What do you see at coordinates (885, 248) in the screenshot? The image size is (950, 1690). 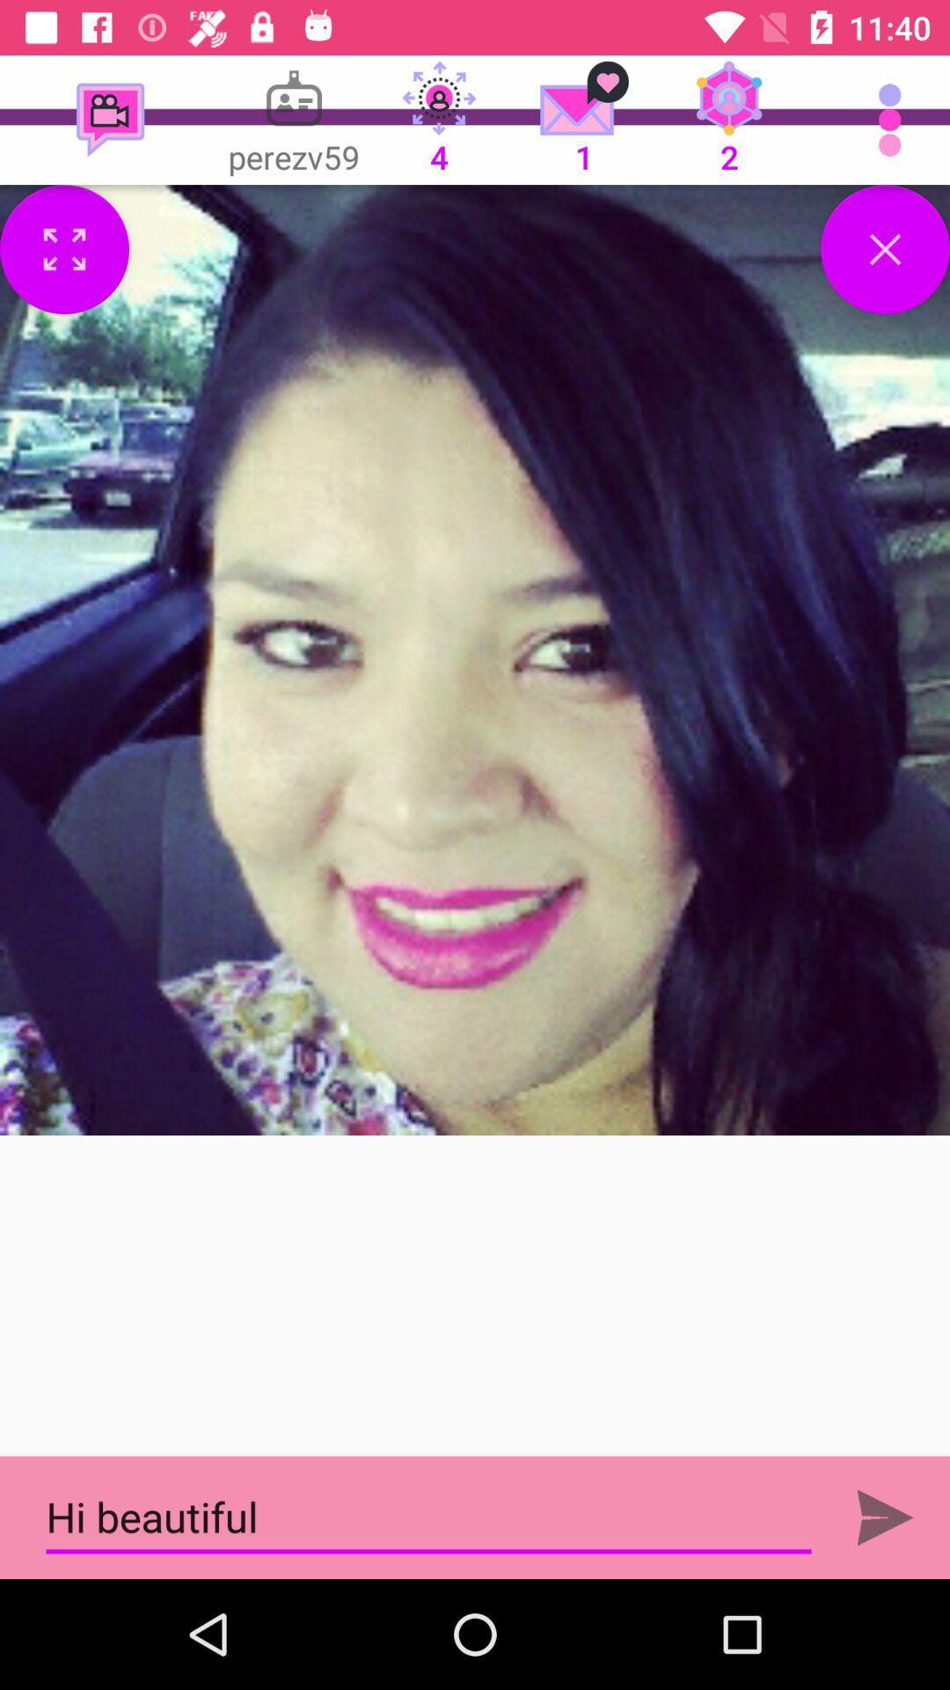 I see `close` at bounding box center [885, 248].